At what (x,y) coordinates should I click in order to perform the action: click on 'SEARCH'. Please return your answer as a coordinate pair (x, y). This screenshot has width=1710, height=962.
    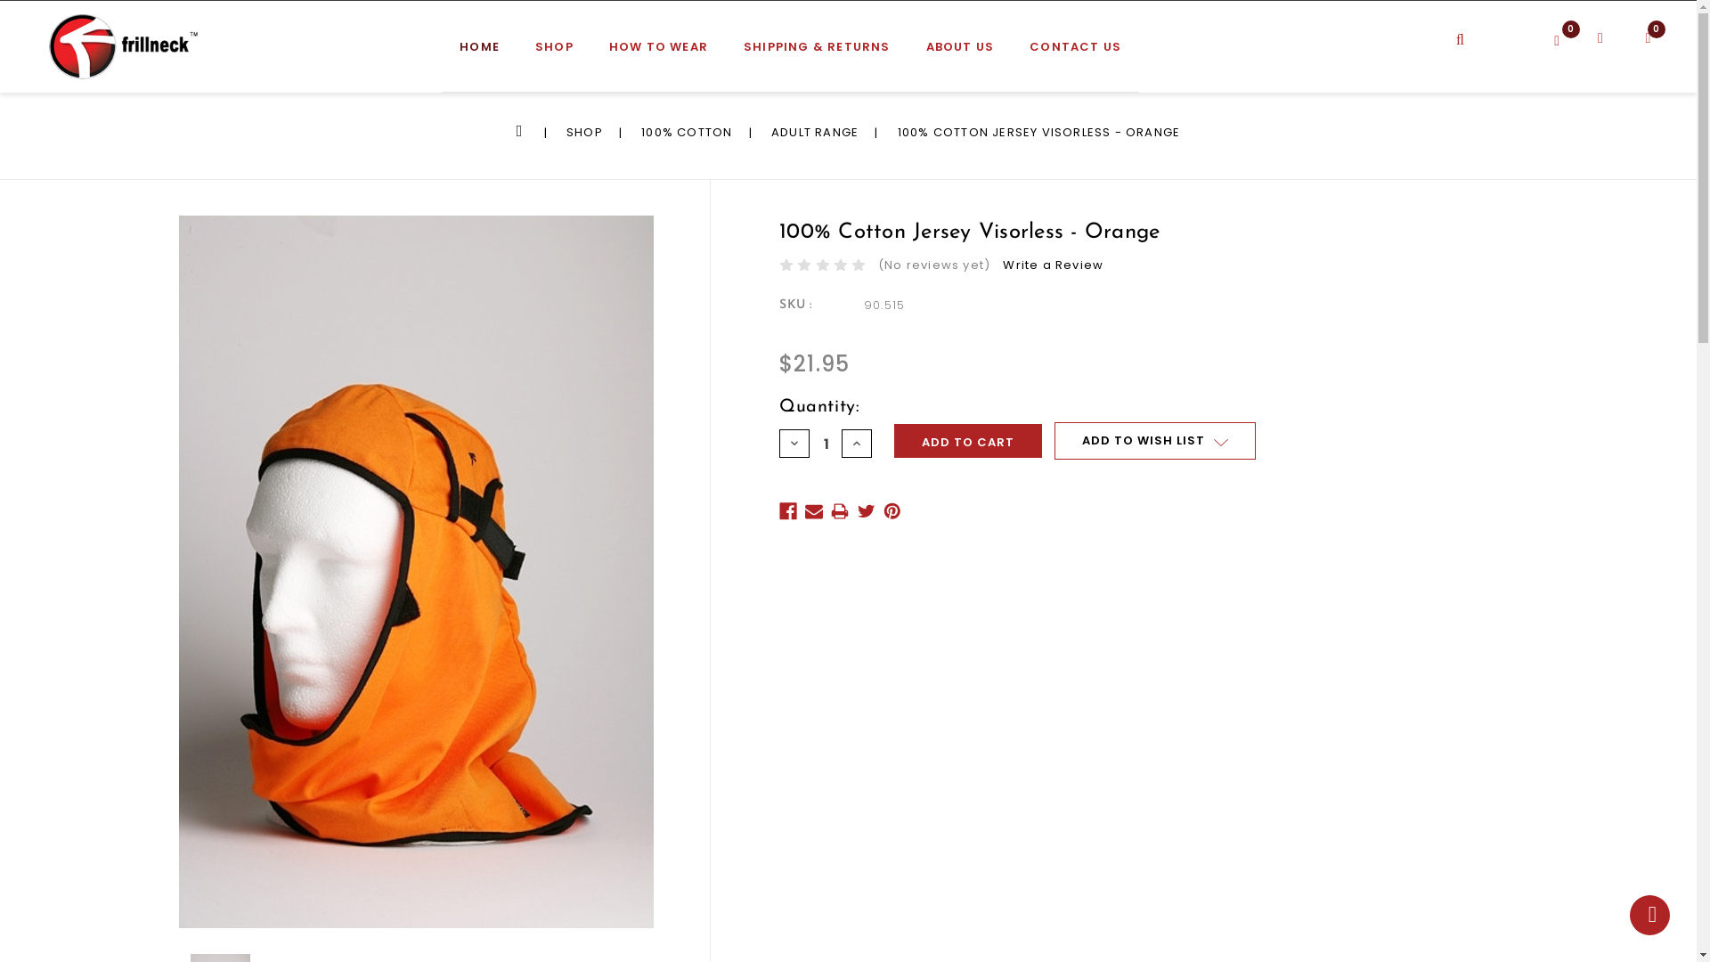
    Looking at the image, I should click on (1480, 27).